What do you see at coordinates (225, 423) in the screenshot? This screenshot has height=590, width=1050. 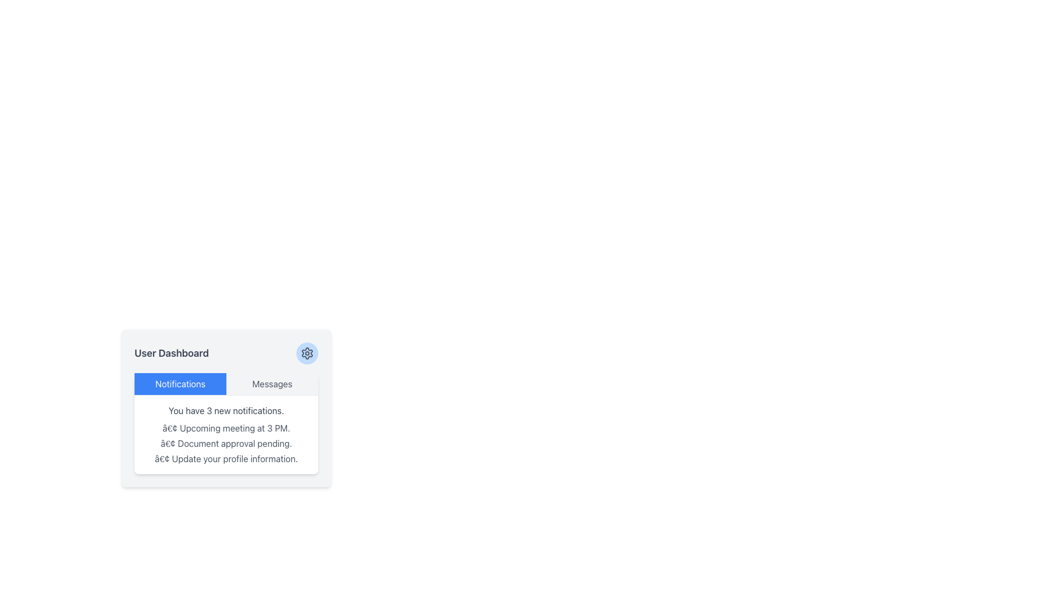 I see `notification content by interacting with the notifications panel located in the 'User Dashboard' below its title area` at bounding box center [225, 423].